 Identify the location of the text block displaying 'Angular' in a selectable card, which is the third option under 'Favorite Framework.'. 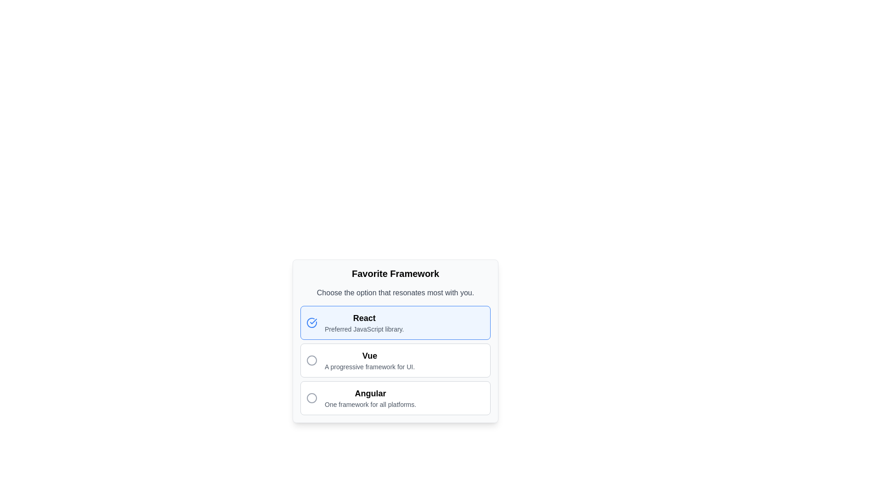
(370, 398).